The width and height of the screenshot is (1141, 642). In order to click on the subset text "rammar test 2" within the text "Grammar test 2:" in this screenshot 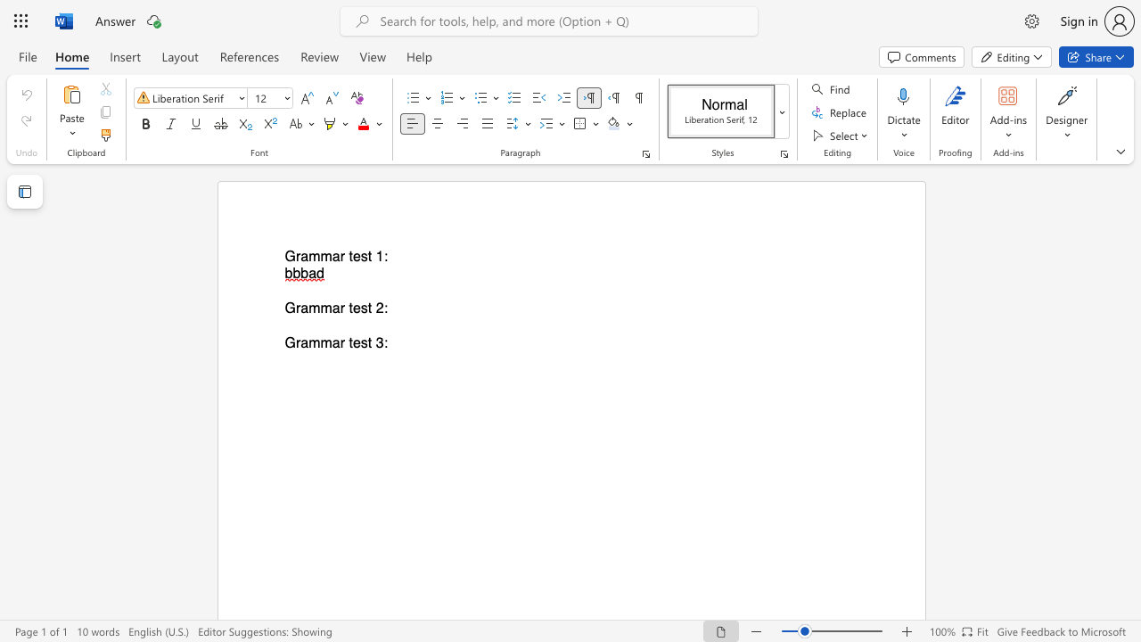, I will do `click(295, 308)`.